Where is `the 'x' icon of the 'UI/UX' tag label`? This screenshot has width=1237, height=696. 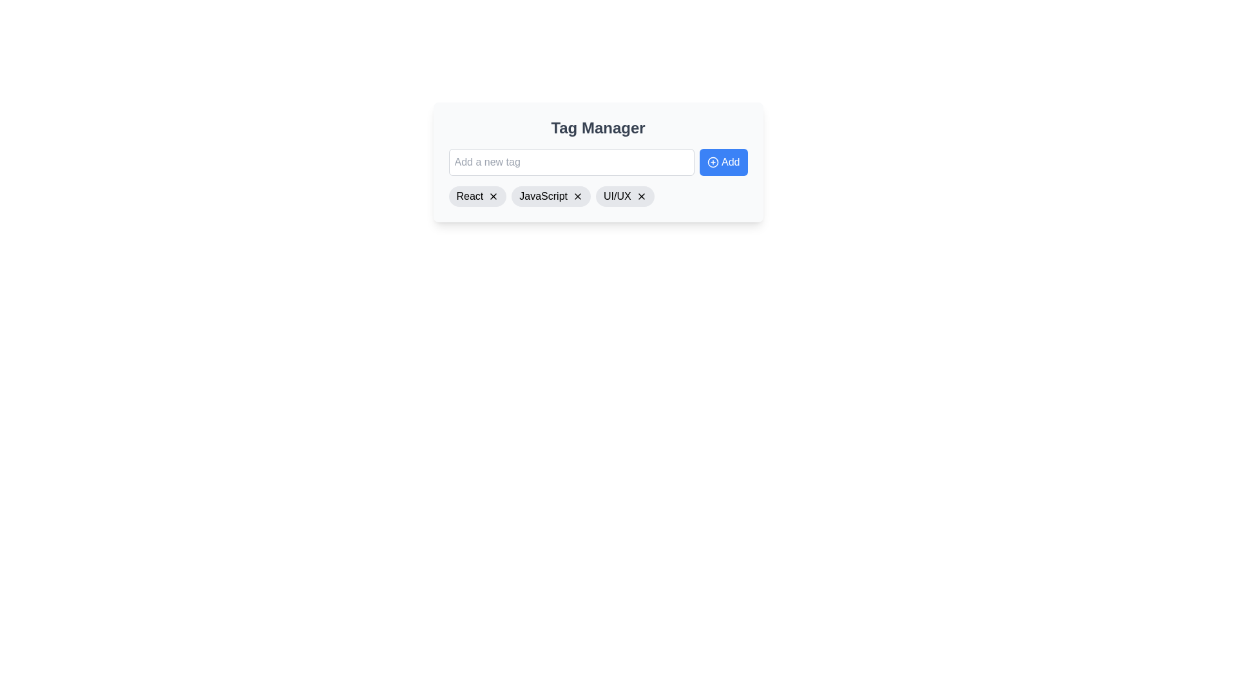 the 'x' icon of the 'UI/UX' tag label is located at coordinates (625, 196).